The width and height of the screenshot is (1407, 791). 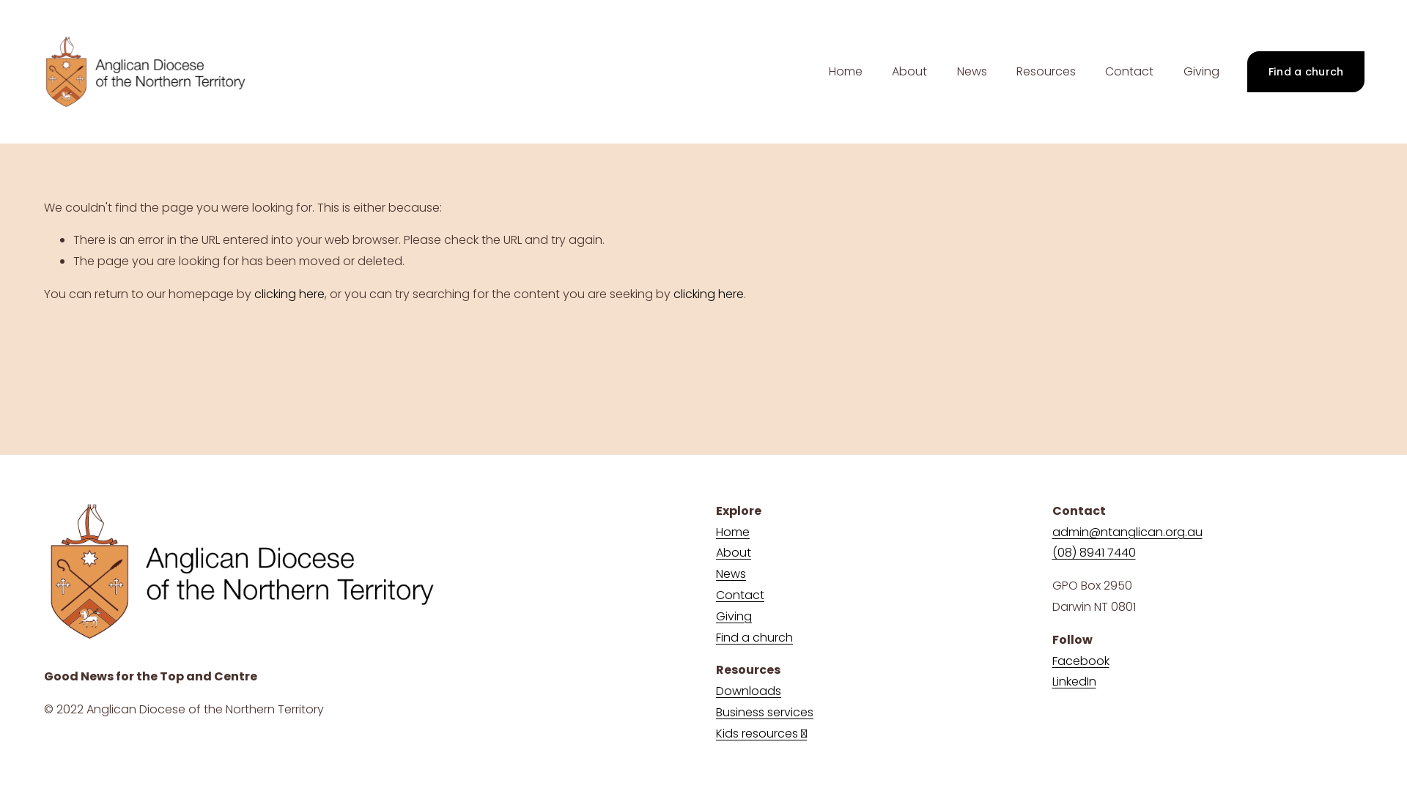 What do you see at coordinates (1305, 71) in the screenshot?
I see `'Find a church'` at bounding box center [1305, 71].